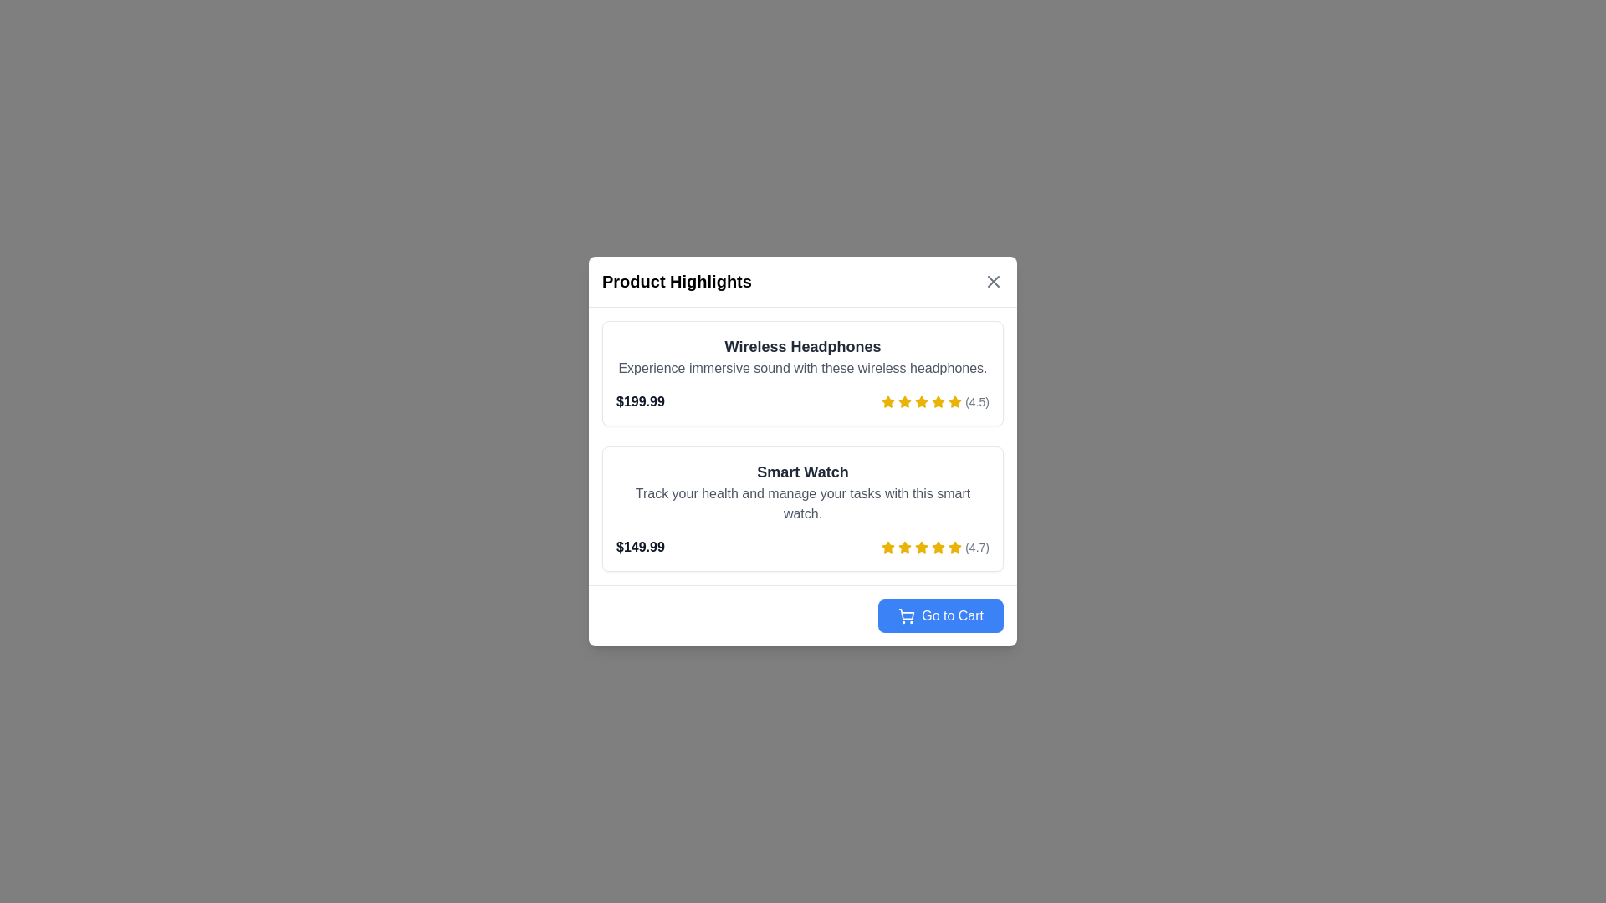  What do you see at coordinates (677, 280) in the screenshot?
I see `text displayed in the 'Product Highlights' header, which is bold, larger, and styled in black against a white background, located in the upper left corner of the modal pop-up` at bounding box center [677, 280].